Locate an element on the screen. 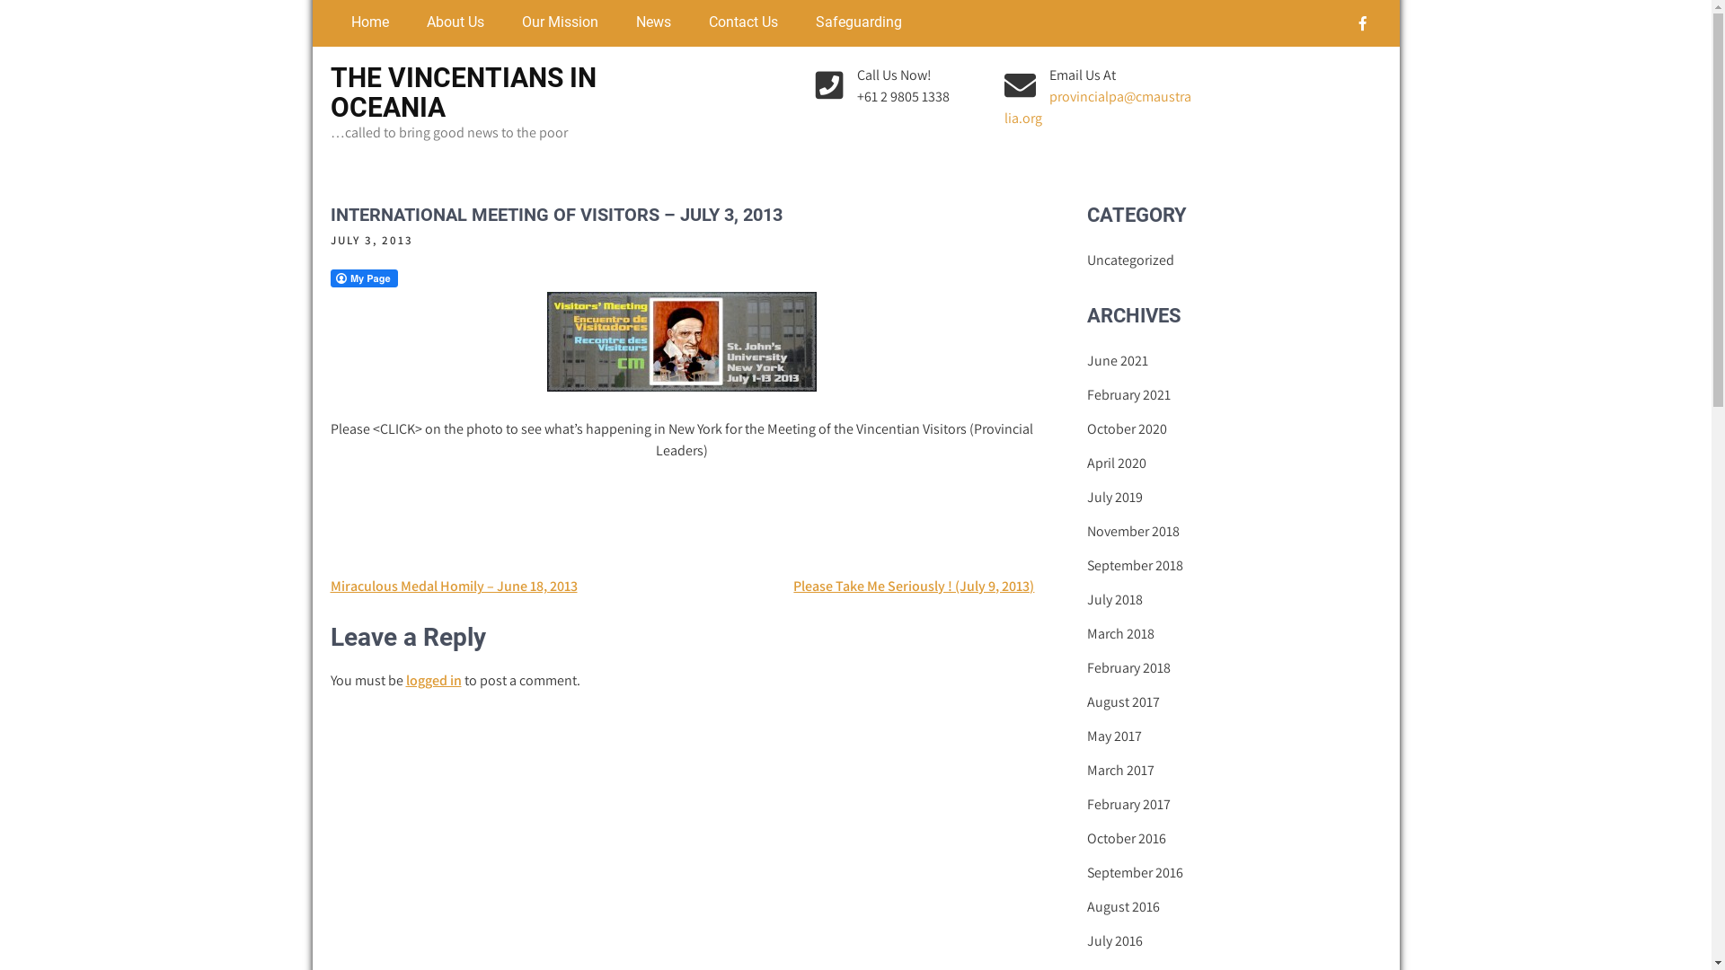 The height and width of the screenshot is (970, 1725). 'March 2017' is located at coordinates (1119, 769).